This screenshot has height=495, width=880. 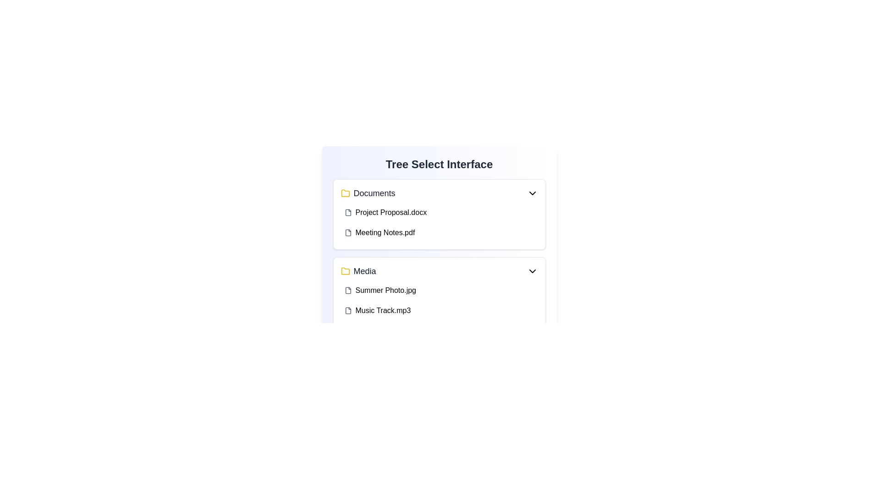 What do you see at coordinates (439, 232) in the screenshot?
I see `the selectable item representing 'Meeting Notes.pdf' in the file tree` at bounding box center [439, 232].